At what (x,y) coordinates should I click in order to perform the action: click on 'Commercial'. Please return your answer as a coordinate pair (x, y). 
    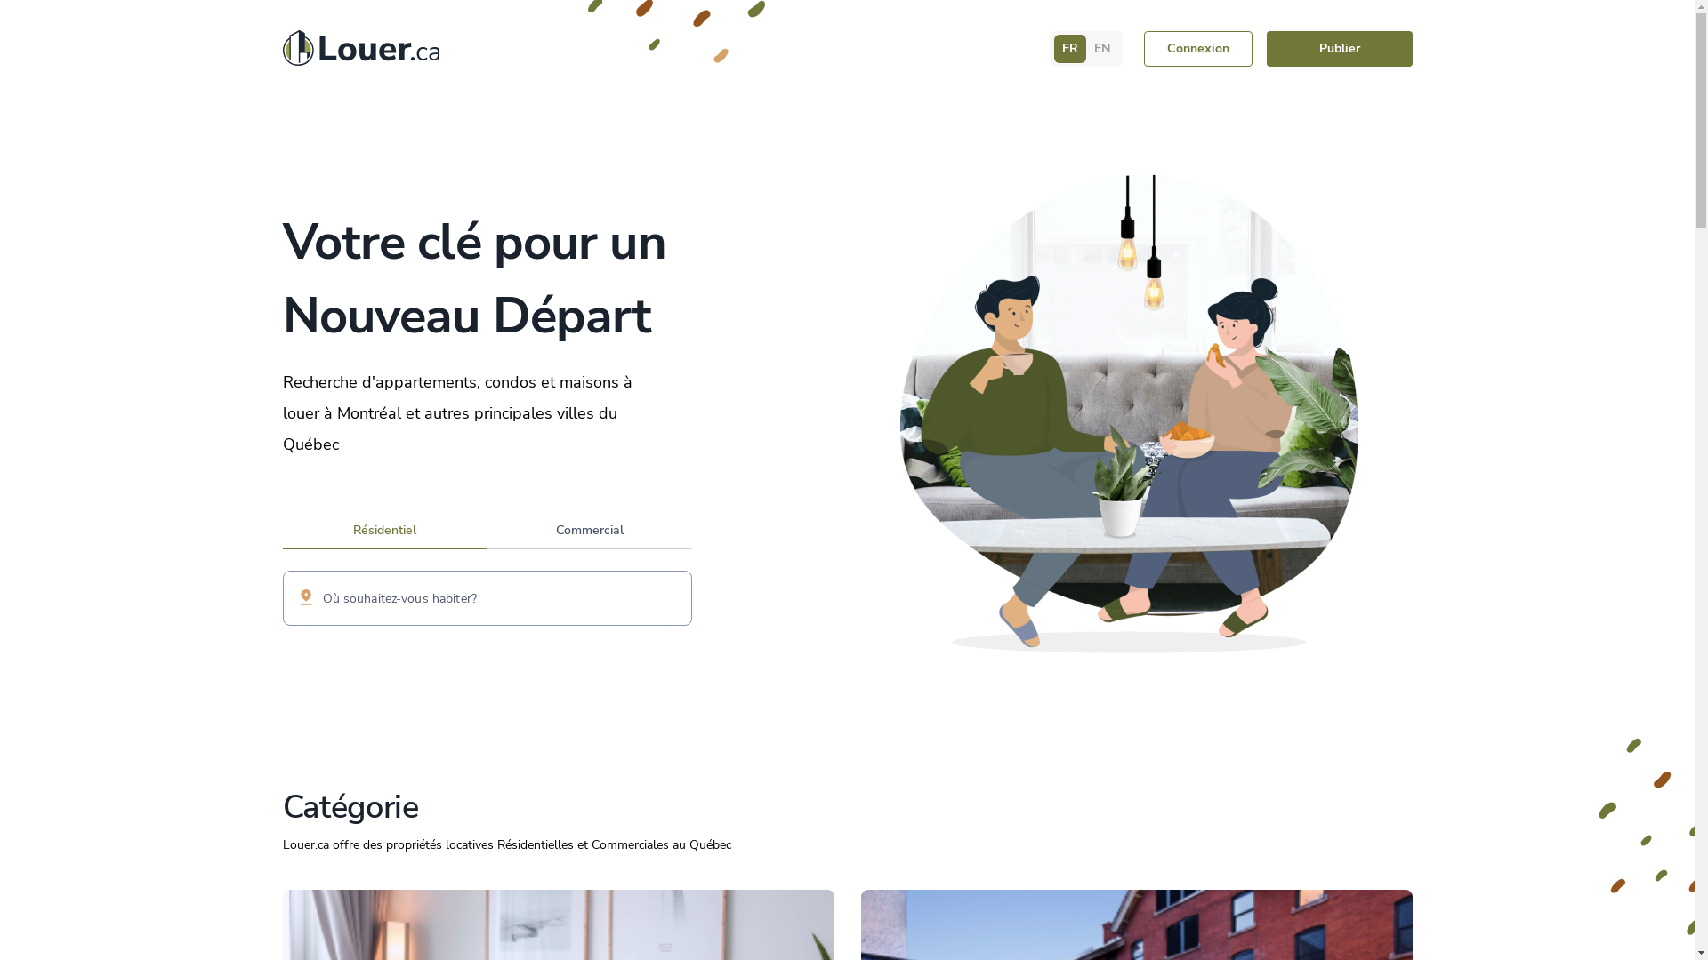
    Looking at the image, I should click on (487, 532).